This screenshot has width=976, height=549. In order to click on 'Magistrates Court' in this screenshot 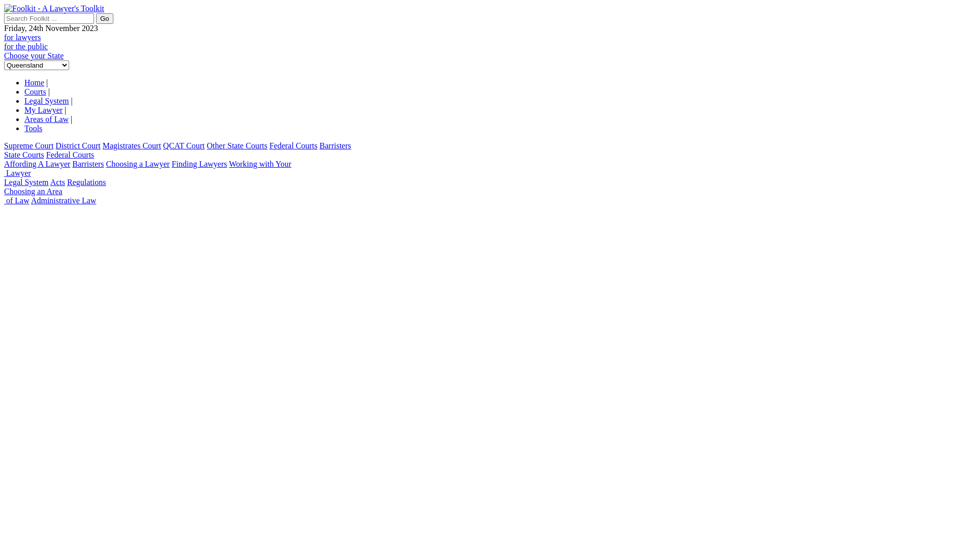, I will do `click(131, 145)`.